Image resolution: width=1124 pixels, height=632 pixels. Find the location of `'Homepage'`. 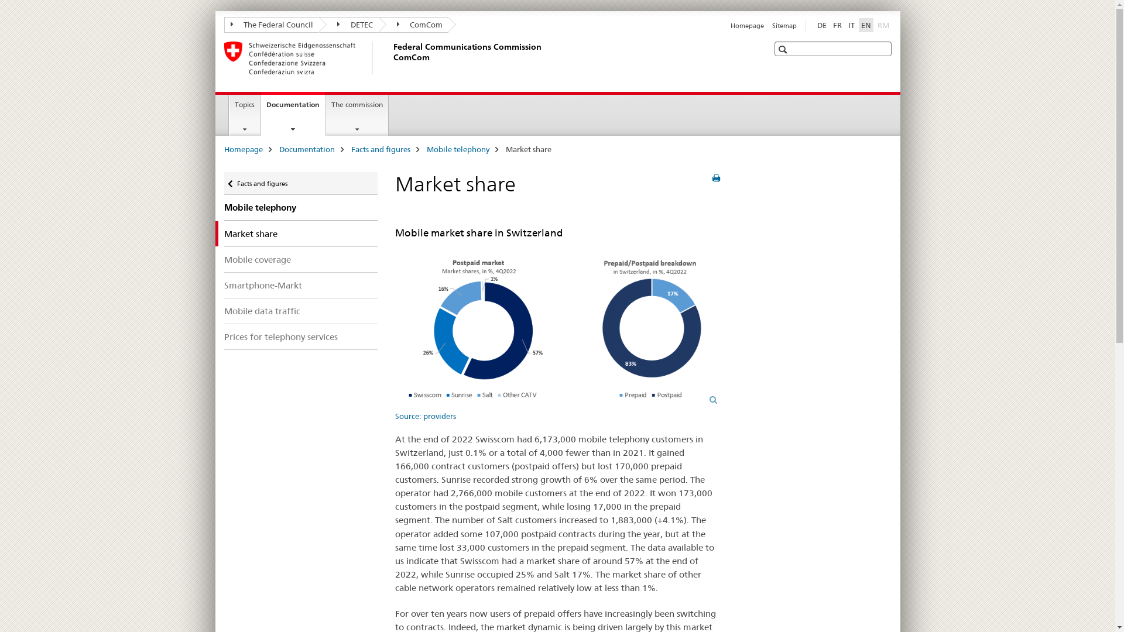

'Homepage' is located at coordinates (242, 148).